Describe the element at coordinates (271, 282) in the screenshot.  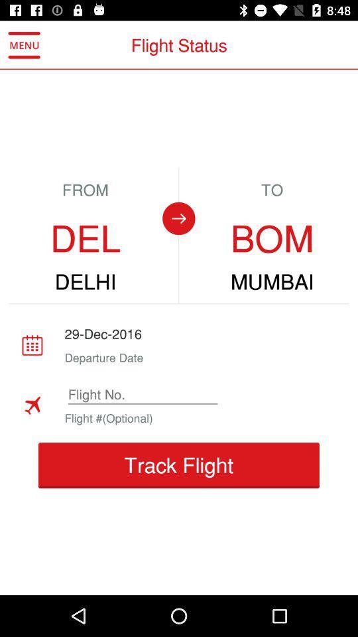
I see `the mumbai` at that location.